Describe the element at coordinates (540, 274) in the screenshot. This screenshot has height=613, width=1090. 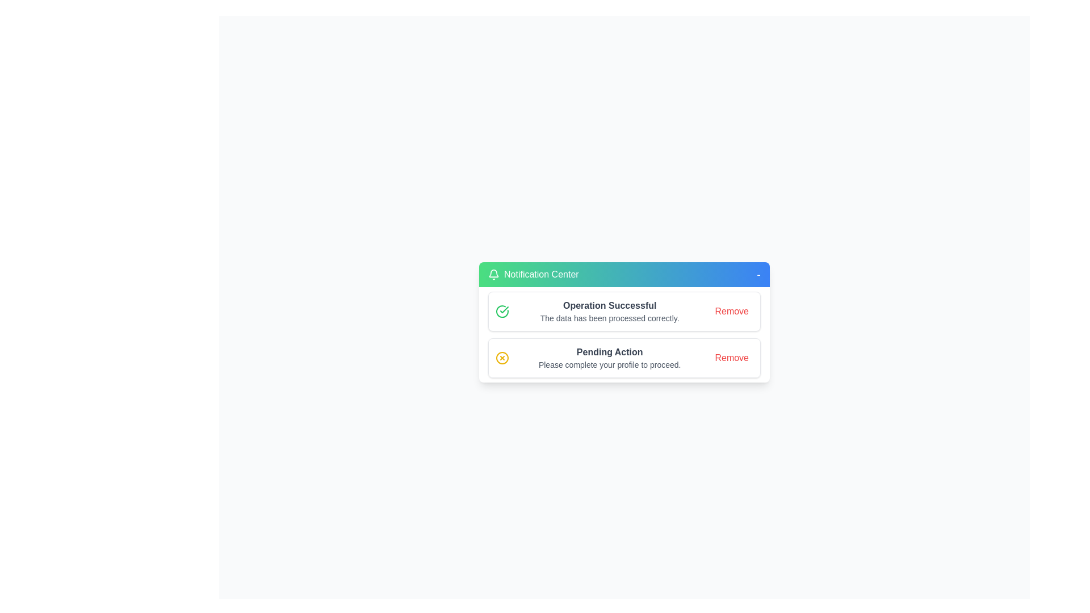
I see `the 'Notification Center' label displayed in white text against a gradient background, located near the upper-left side of the notification panel` at that location.